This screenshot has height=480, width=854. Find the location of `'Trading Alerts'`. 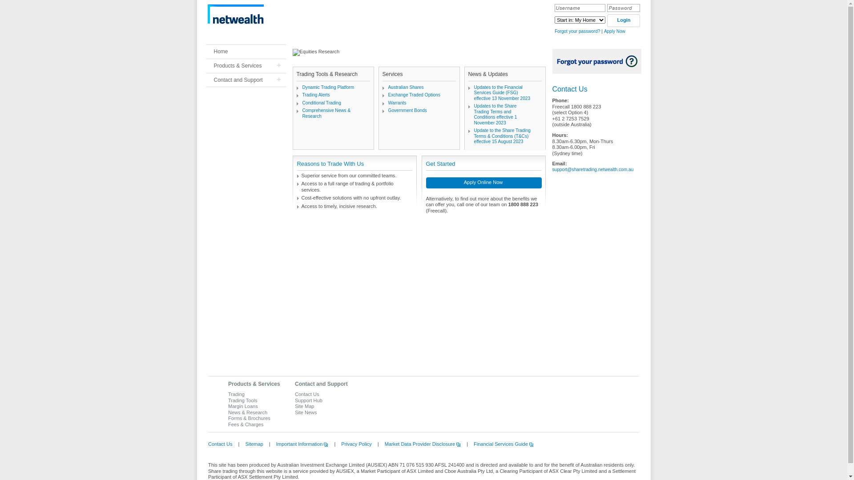

'Trading Alerts' is located at coordinates (316, 95).